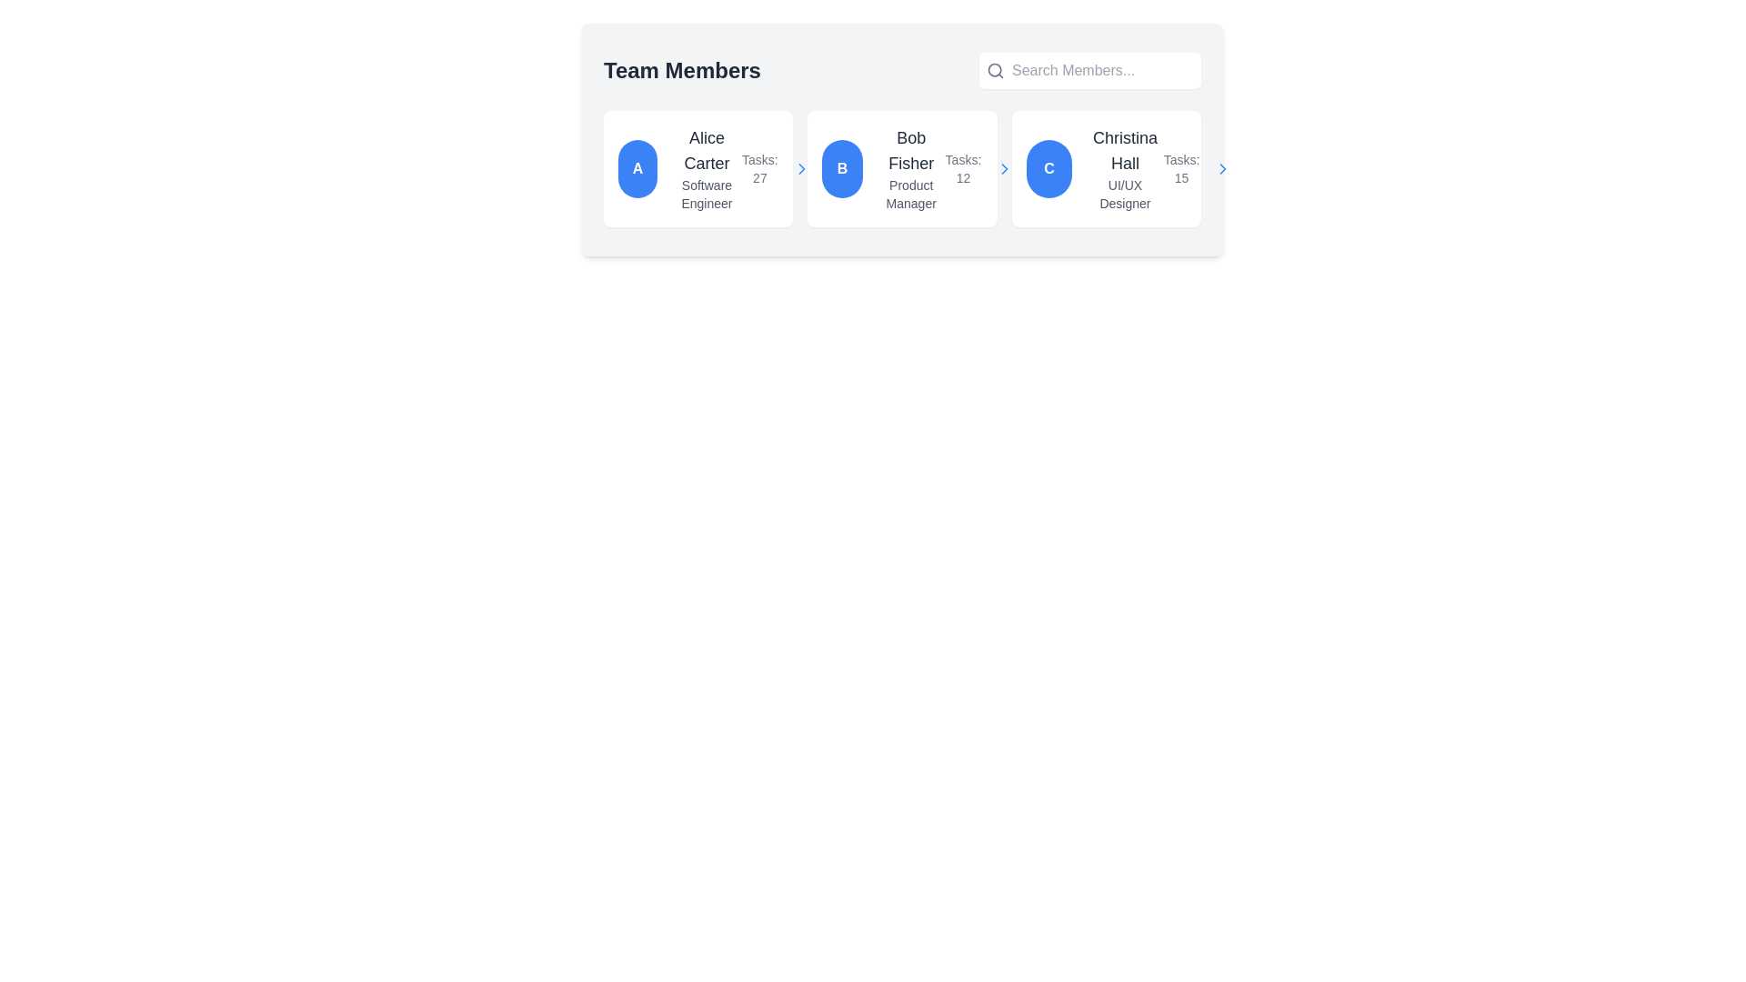 The width and height of the screenshot is (1746, 982). What do you see at coordinates (994, 69) in the screenshot?
I see `the gray magnifying glass search icon located in the top-right section of the interface to initiate a search` at bounding box center [994, 69].